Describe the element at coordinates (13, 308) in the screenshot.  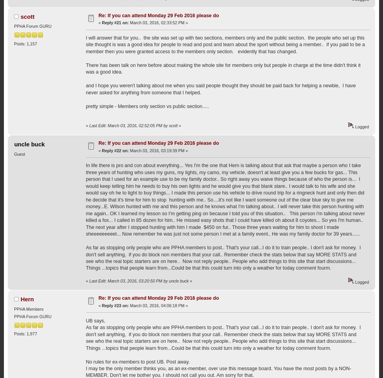
I see `'PPHA Members'` at that location.